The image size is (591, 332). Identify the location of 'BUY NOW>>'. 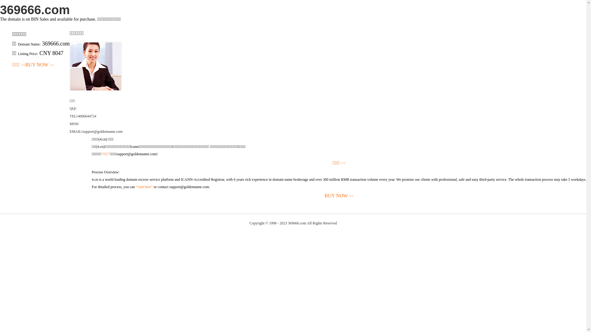
(39, 65).